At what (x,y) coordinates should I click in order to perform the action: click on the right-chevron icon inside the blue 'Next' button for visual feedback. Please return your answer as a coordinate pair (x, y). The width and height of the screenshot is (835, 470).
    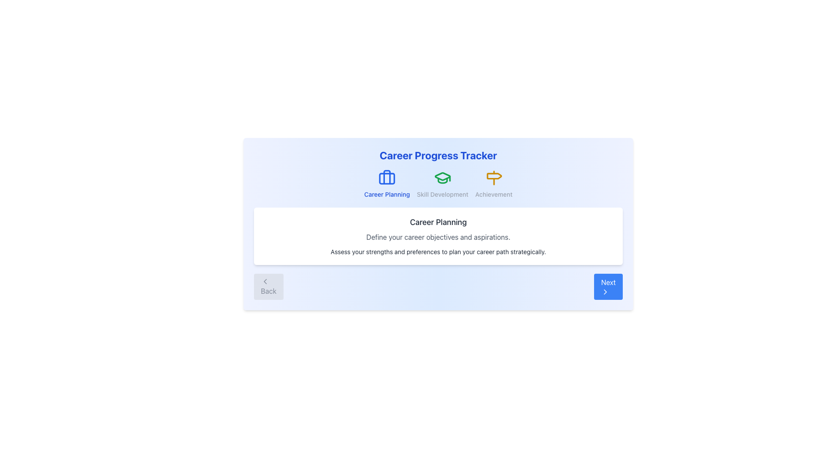
    Looking at the image, I should click on (605, 292).